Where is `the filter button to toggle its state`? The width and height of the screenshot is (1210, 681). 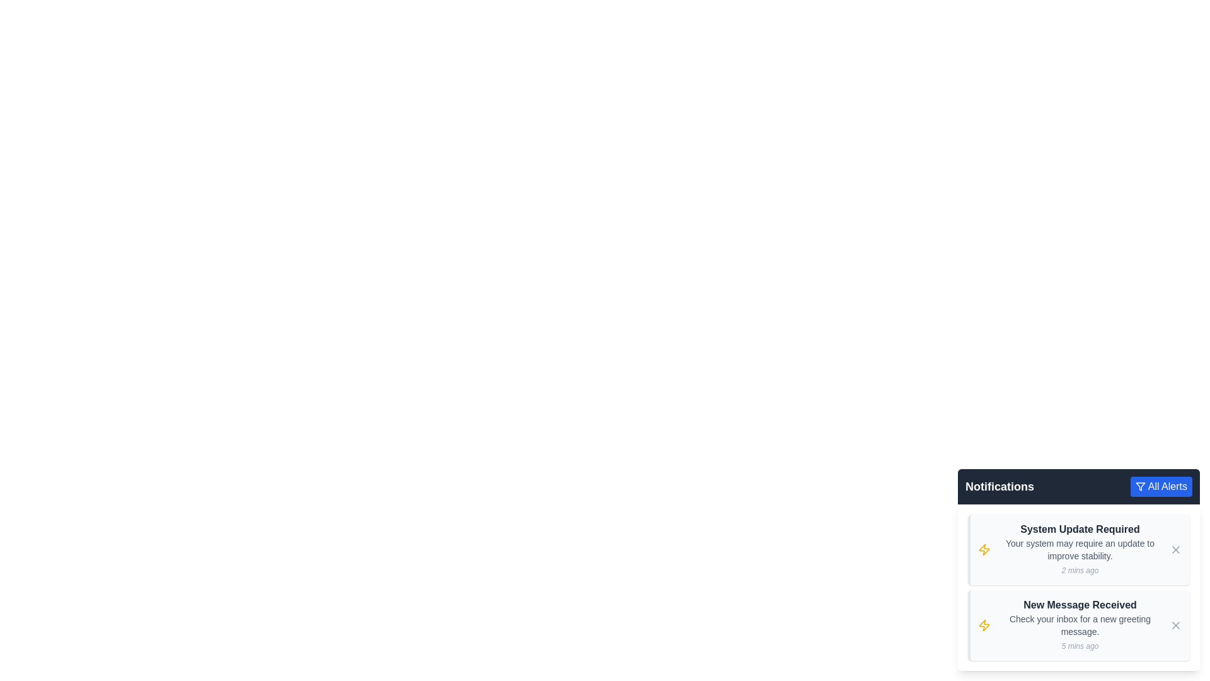
the filter button to toggle its state is located at coordinates (1160, 486).